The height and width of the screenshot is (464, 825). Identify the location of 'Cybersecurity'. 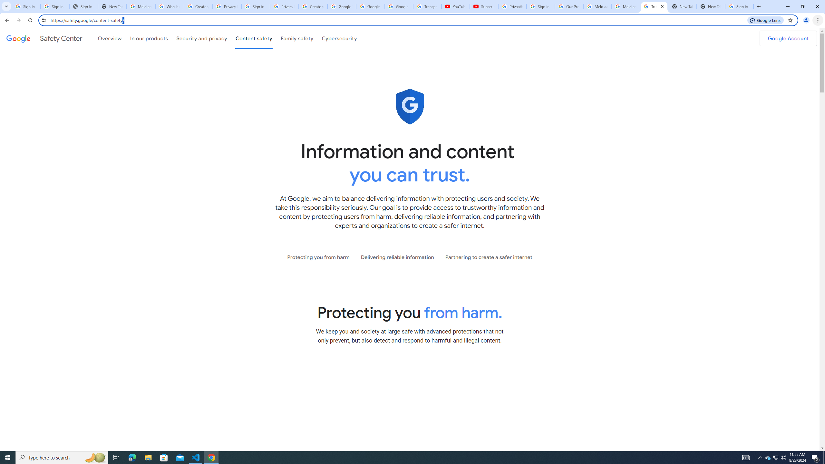
(339, 38).